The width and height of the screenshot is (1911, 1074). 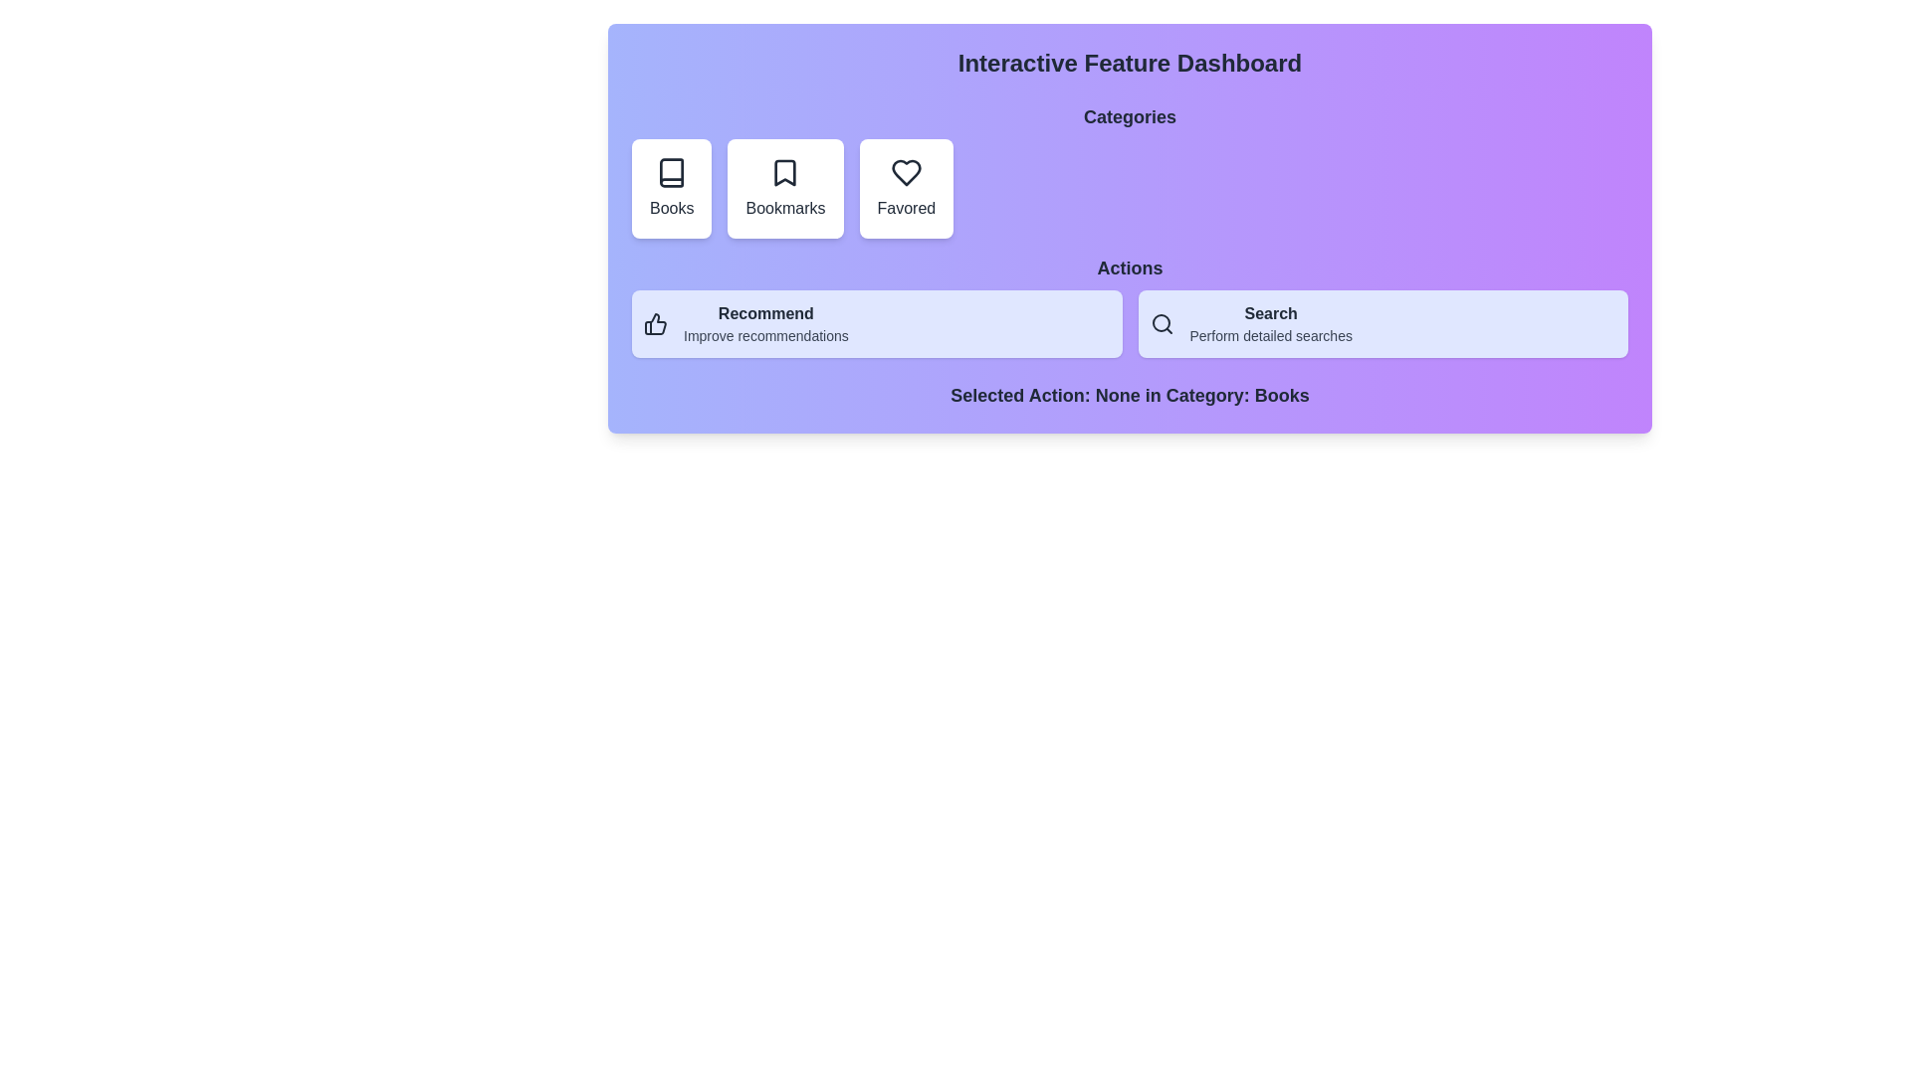 What do you see at coordinates (655, 323) in the screenshot?
I see `the 'thumbs-up' icon located inside the 'Recommend' action button, which is positioned to the left of the 'Search' button` at bounding box center [655, 323].